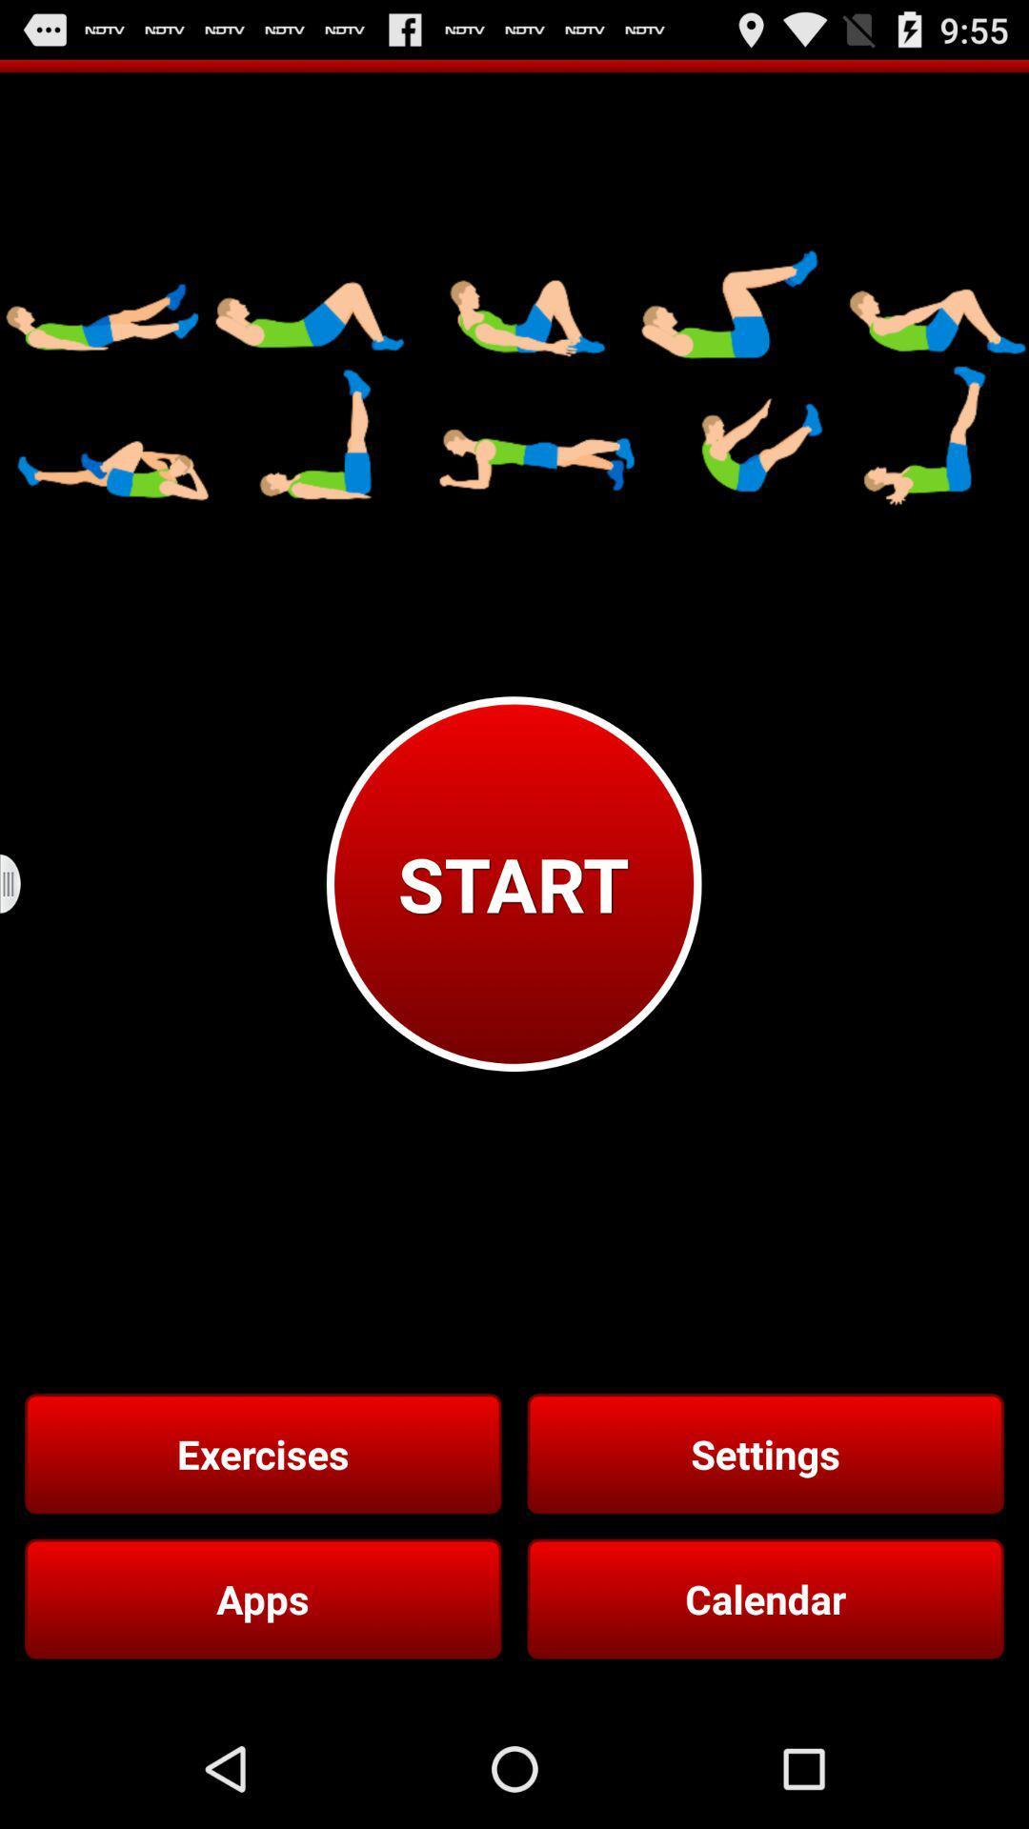 The height and width of the screenshot is (1829, 1029). What do you see at coordinates (263, 1598) in the screenshot?
I see `icon next to calendar item` at bounding box center [263, 1598].